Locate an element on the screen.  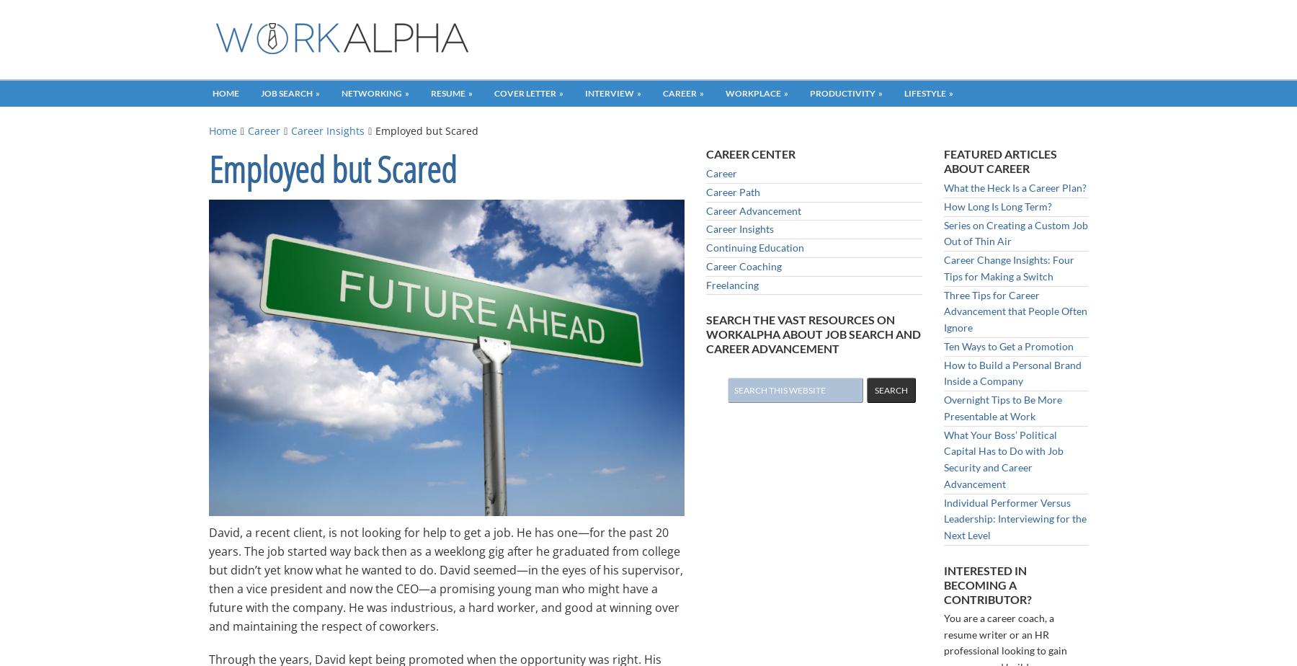
'David, a recent client, is not looking for help to get a job. He has one—for the past 20 years. The job started way back then as a weeklong gig after he graduated from college but didn’t yet know what he wanted to do. David seemed—in the eyes of his supervisor, then a vice president and now the CEO—a promising young man who might have a future with the company. He was industrious, a hard worker, and good at winning over and maintaining the respect of coworkers.' is located at coordinates (446, 579).